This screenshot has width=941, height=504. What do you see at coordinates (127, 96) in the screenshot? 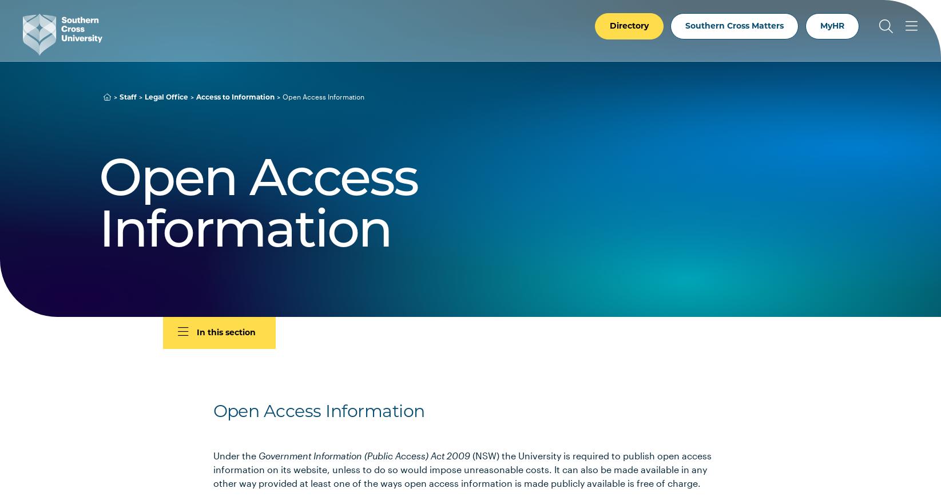
I see `'Staff'` at bounding box center [127, 96].